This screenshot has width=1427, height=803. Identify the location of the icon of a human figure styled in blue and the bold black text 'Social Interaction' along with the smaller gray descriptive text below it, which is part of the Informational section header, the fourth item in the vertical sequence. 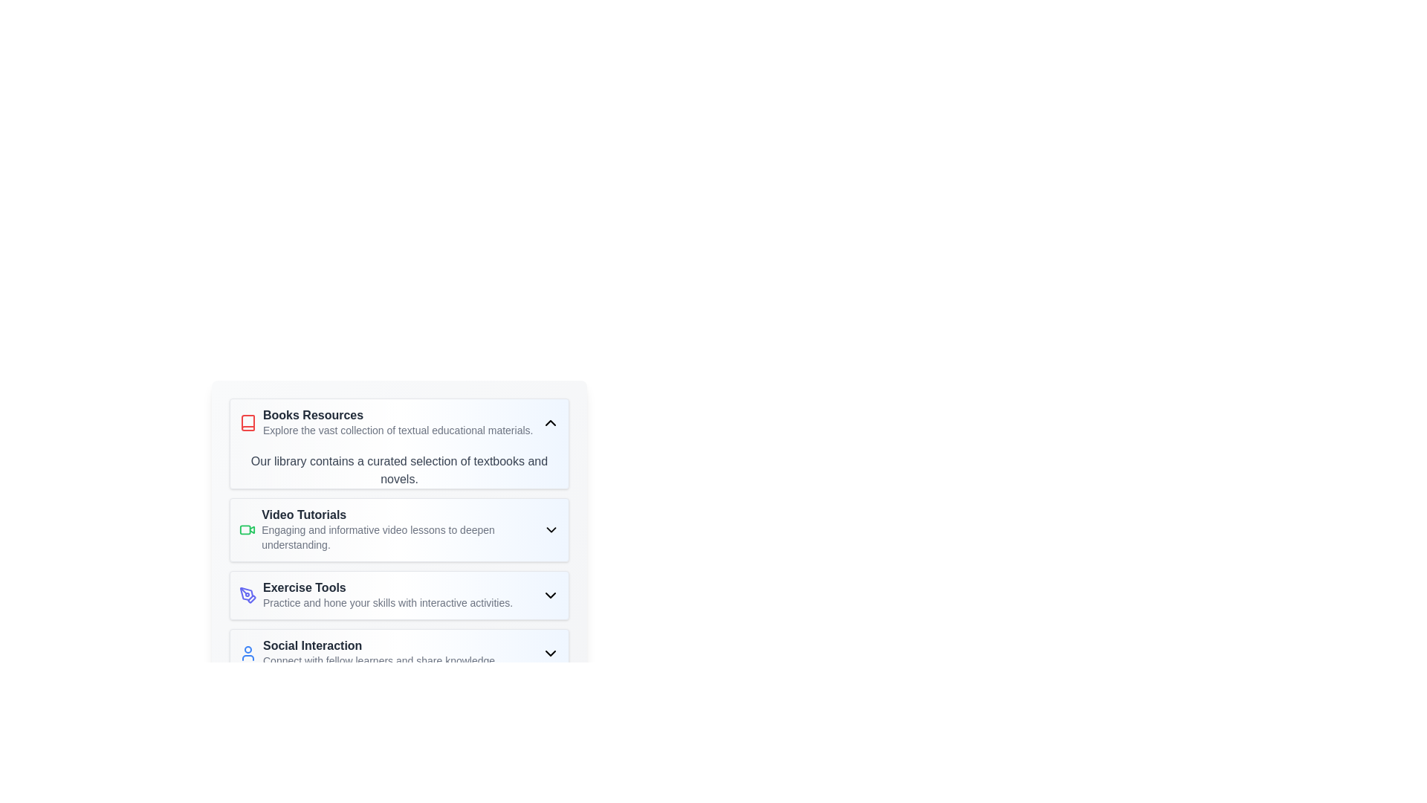
(368, 653).